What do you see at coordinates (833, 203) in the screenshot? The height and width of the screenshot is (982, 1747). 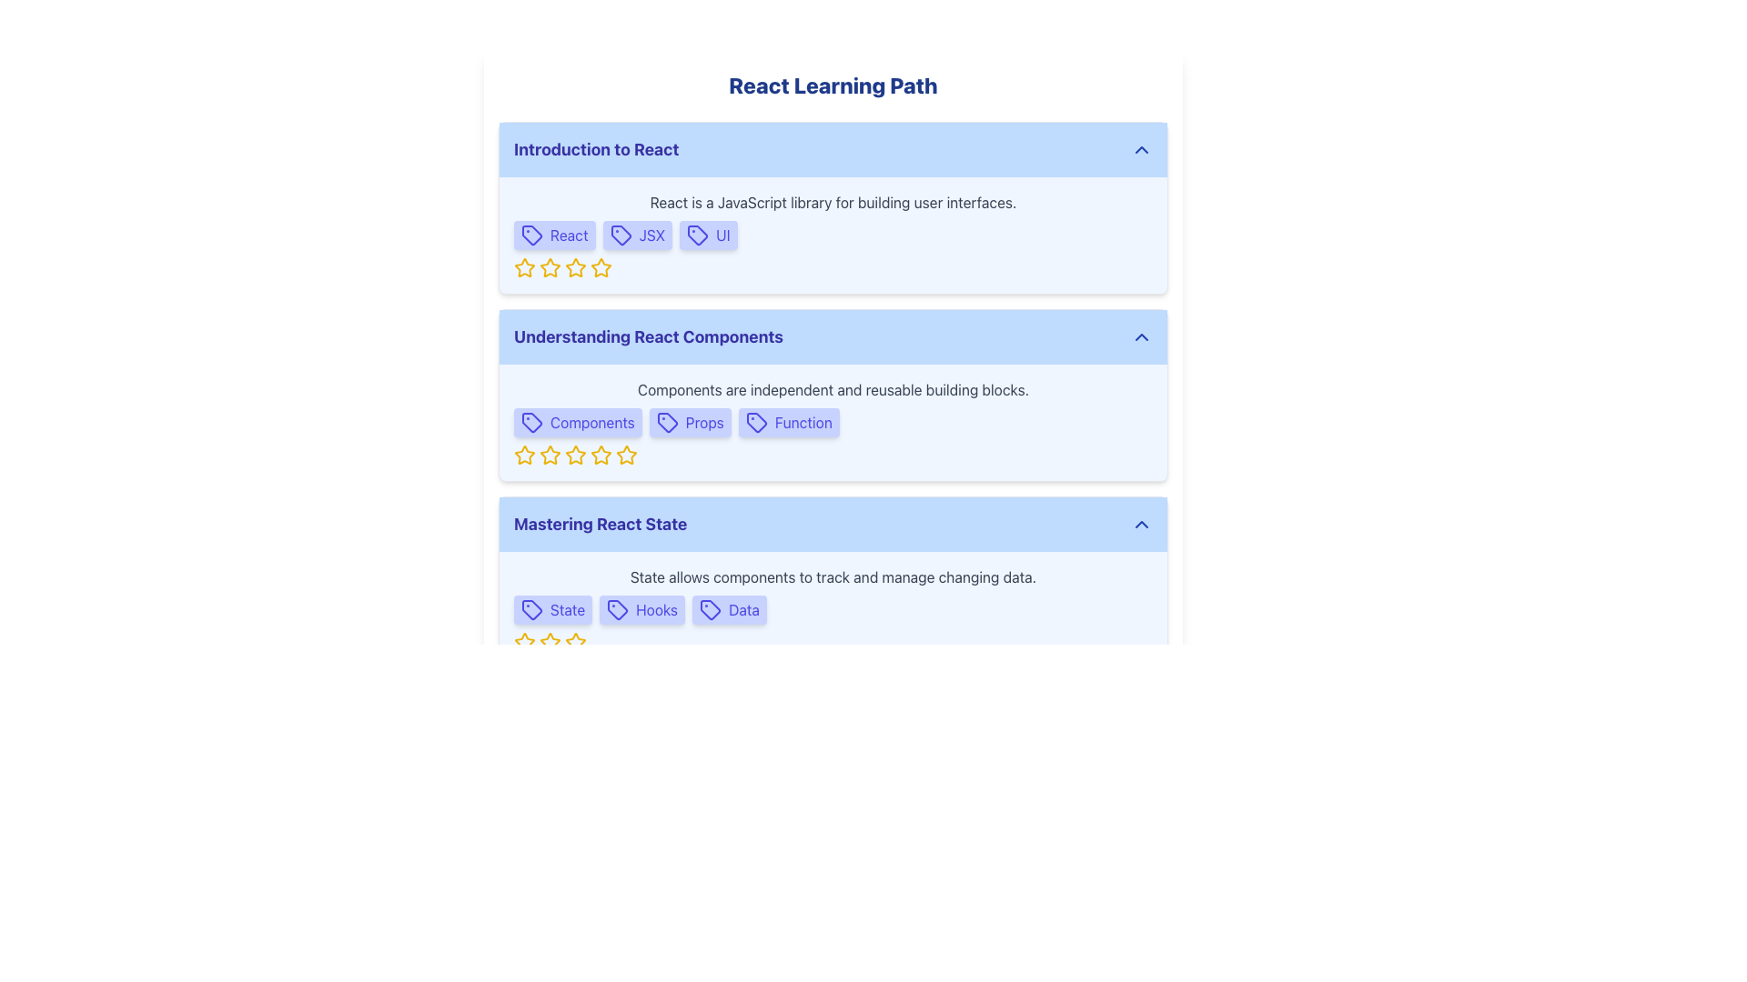 I see `the text block styled with a gray shade that reads 'React is a JavaScript library for building user interfaces,' located within the light blue section titled 'Introduction to React.'` at bounding box center [833, 203].